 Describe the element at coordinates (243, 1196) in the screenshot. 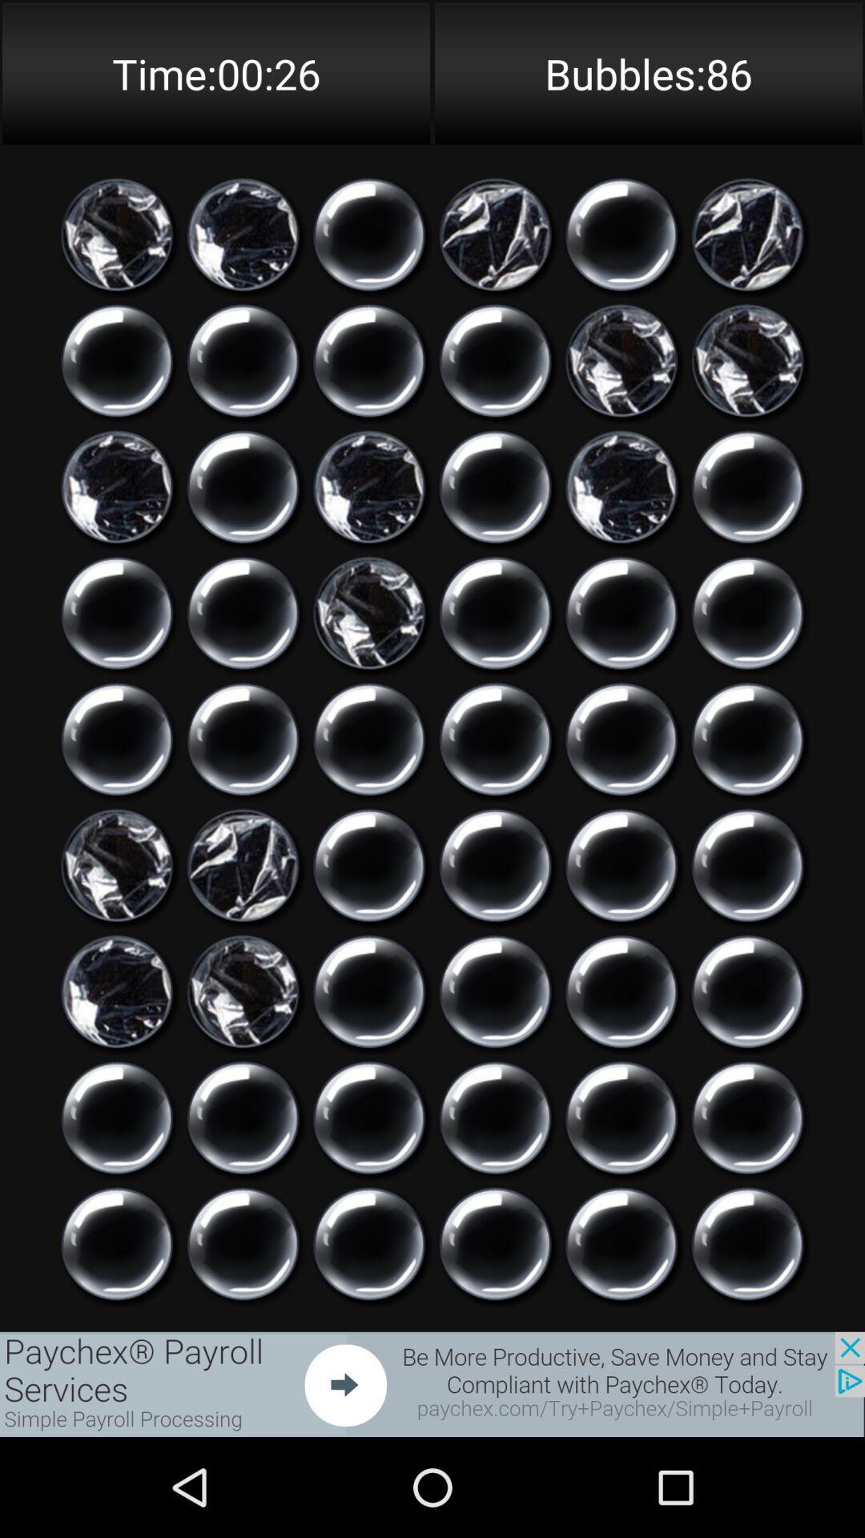

I see `the refresh icon` at that location.